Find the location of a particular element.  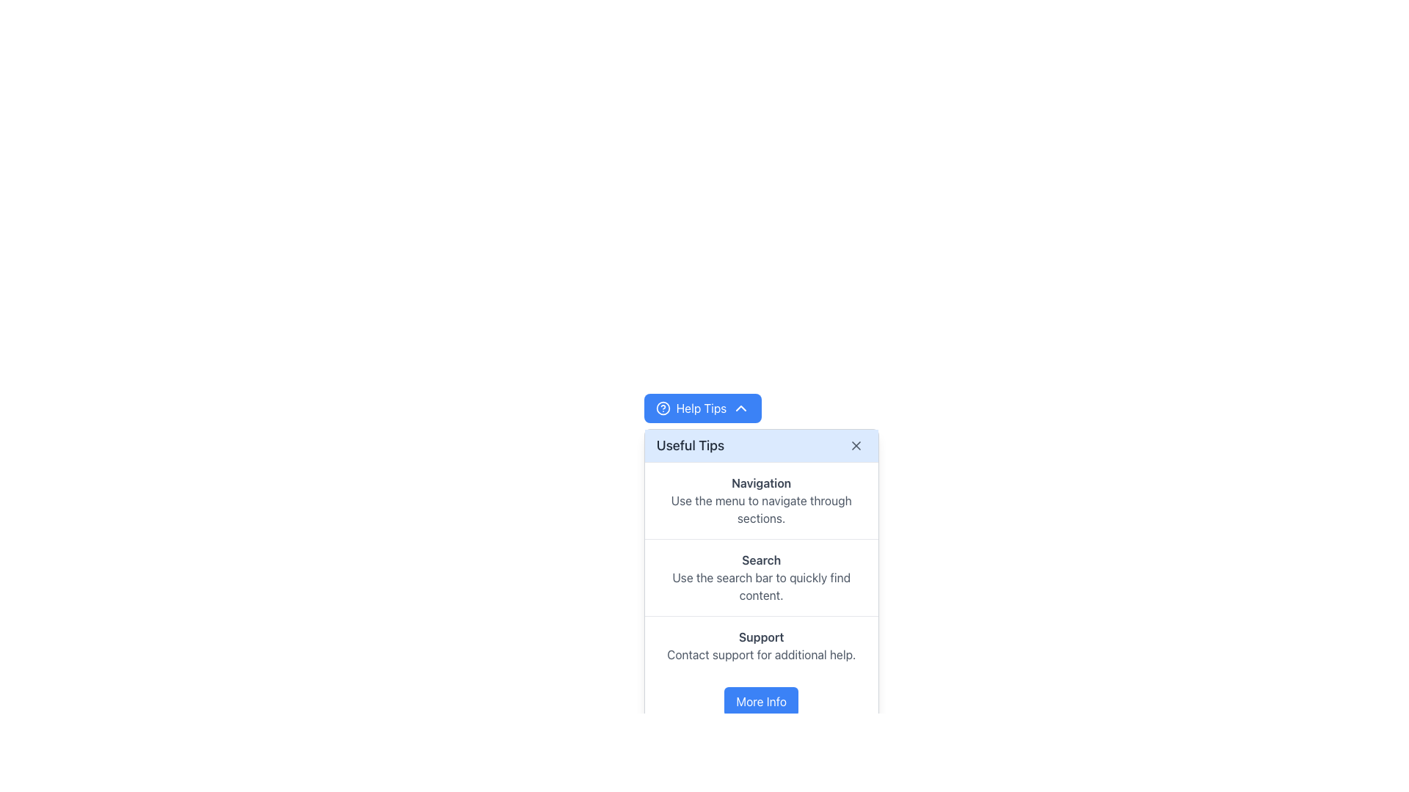

the descriptive text block that provides additional information about using the search bar feature, located below the sibling element titled 'Search' is located at coordinates (761, 585).